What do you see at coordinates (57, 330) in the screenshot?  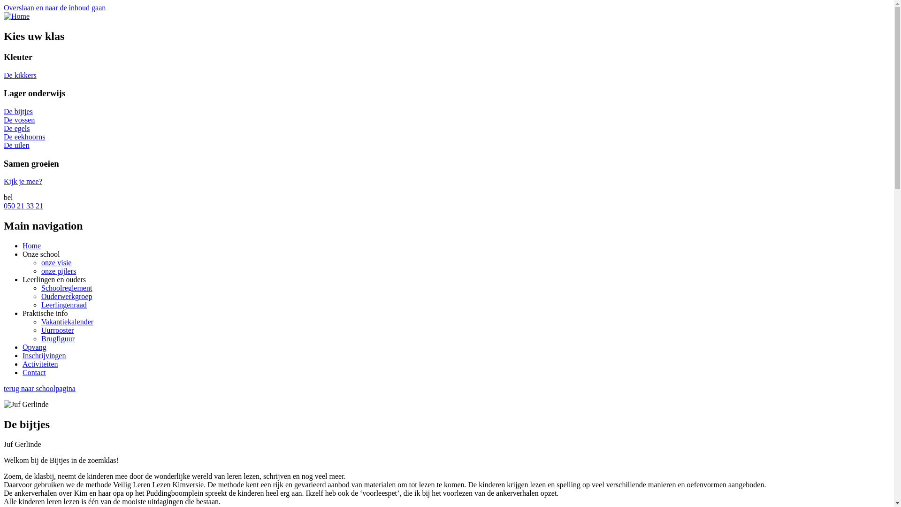 I see `'Uurrooster'` at bounding box center [57, 330].